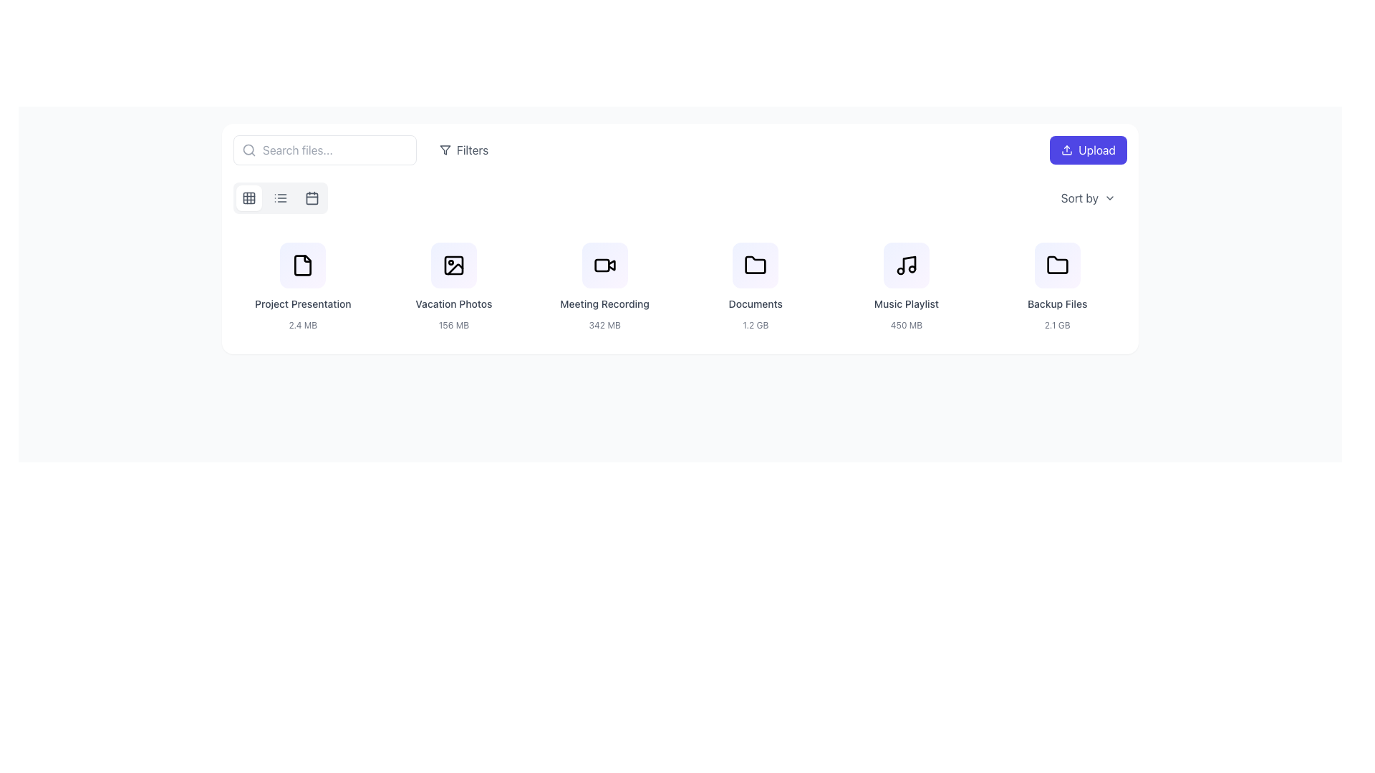  What do you see at coordinates (249, 198) in the screenshot?
I see `Grid icon component, which is a small gray square with rounded corners located in the top-left portion of the interface, specifically in the first row and first column of a 3x3 grid icon` at bounding box center [249, 198].